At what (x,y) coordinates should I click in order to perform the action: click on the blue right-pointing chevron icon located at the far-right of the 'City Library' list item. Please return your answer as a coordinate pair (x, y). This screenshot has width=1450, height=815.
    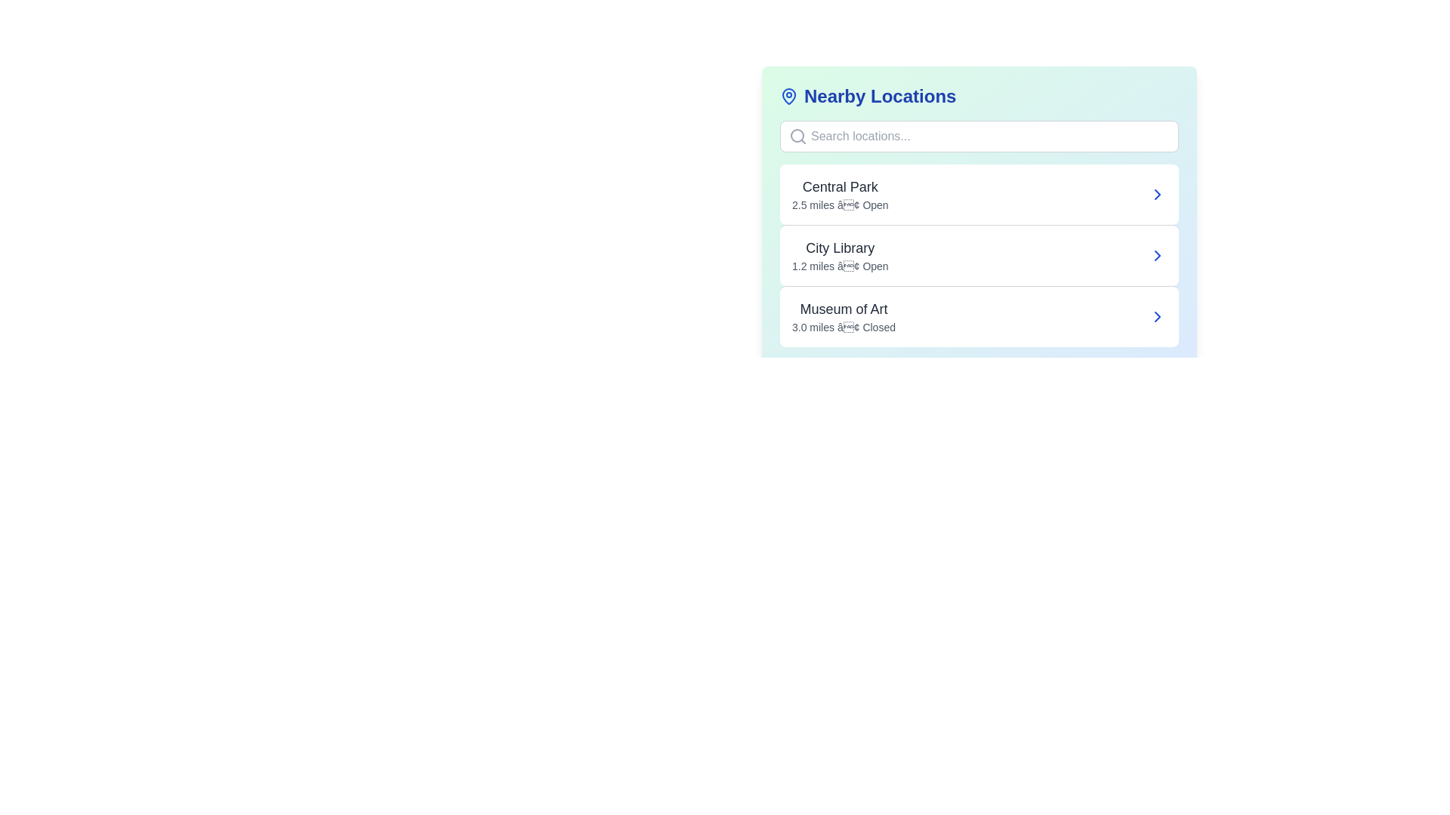
    Looking at the image, I should click on (1156, 255).